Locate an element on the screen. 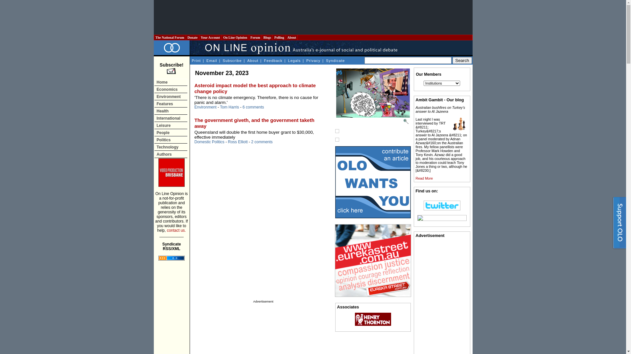 The width and height of the screenshot is (631, 354). ' Donate ' is located at coordinates (192, 37).